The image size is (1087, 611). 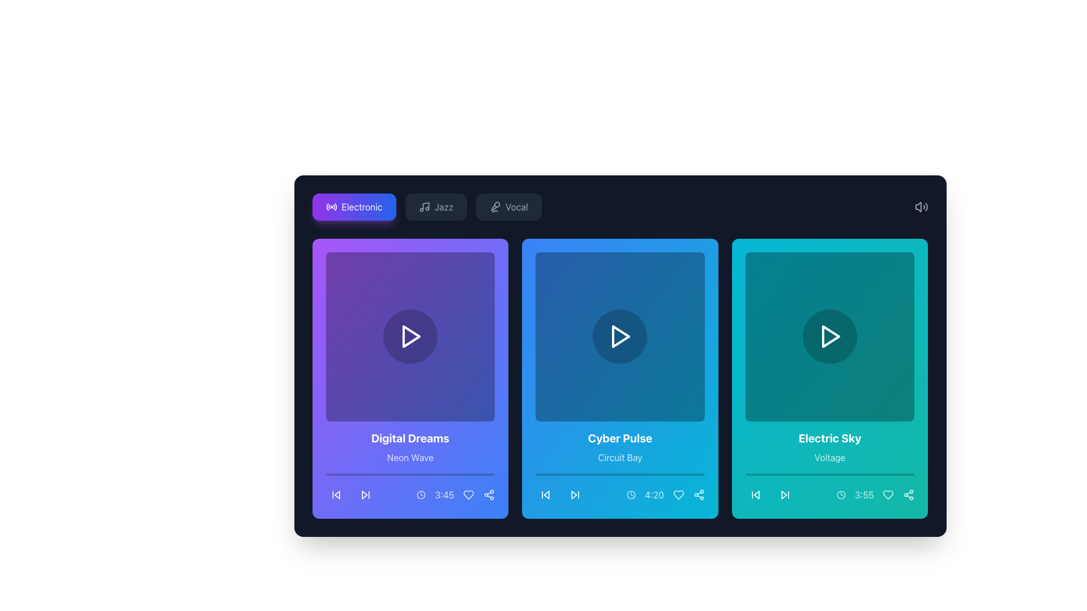 What do you see at coordinates (365, 494) in the screenshot?
I see `the skip-forward button, which is the second button in the playback controls of the 'Digital Dreams' card, to skip to the next item` at bounding box center [365, 494].